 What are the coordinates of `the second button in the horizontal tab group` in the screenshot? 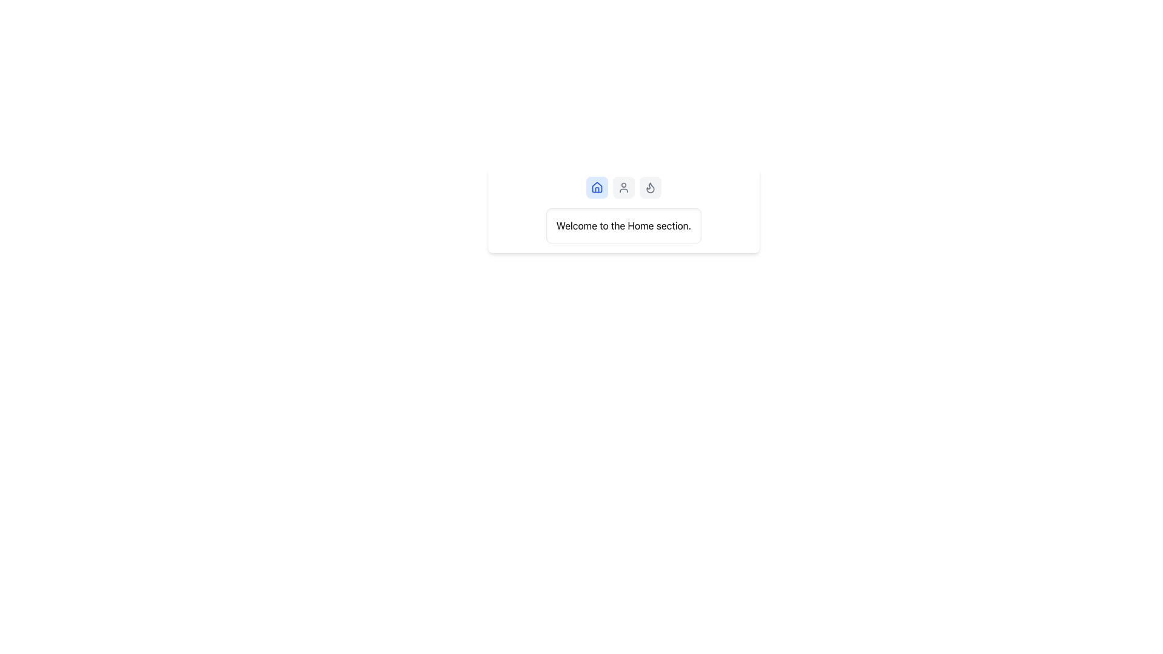 It's located at (624, 187).